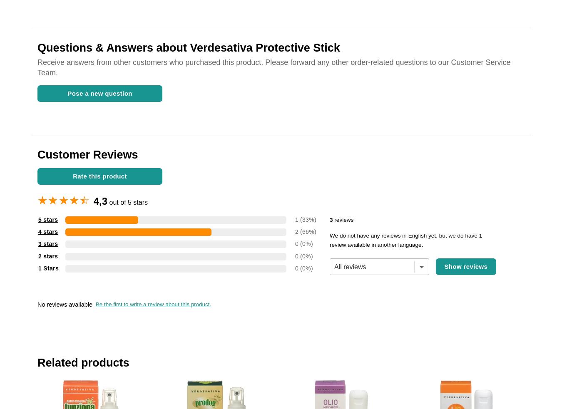 The height and width of the screenshot is (409, 562). Describe the element at coordinates (294, 231) in the screenshot. I see `'2'` at that location.